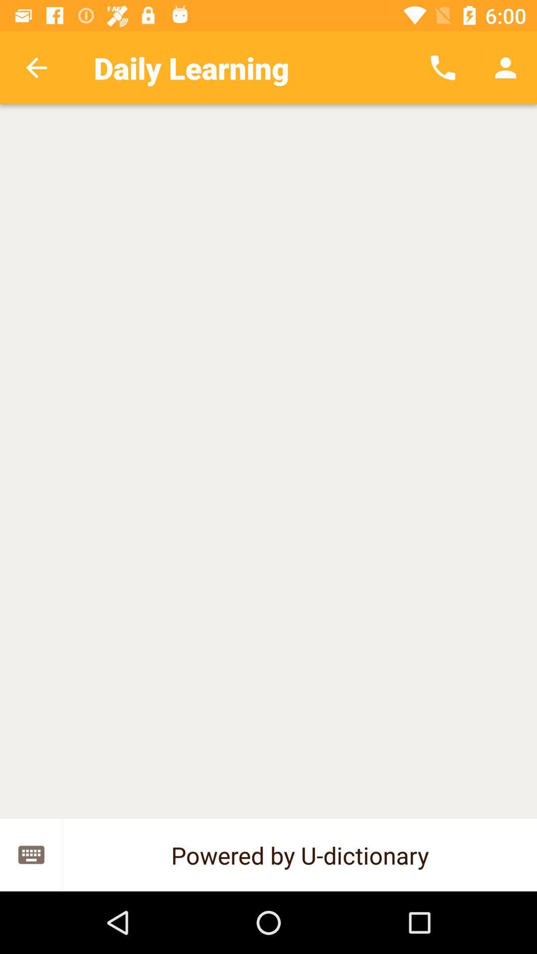 The image size is (537, 954). Describe the element at coordinates (443, 67) in the screenshot. I see `the icon next to the daily learning icon` at that location.